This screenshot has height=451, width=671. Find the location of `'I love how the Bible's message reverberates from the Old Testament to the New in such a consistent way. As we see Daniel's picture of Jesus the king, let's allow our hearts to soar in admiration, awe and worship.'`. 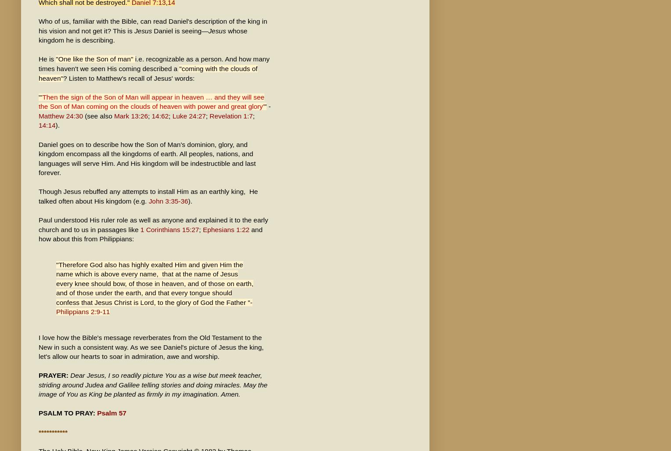

'I love how the Bible's message reverberates from the Old Testament to the New in such a consistent way. As we see Daniel's picture of Jesus the king, let's allow our hearts to soar in admiration, awe and worship.' is located at coordinates (150, 347).